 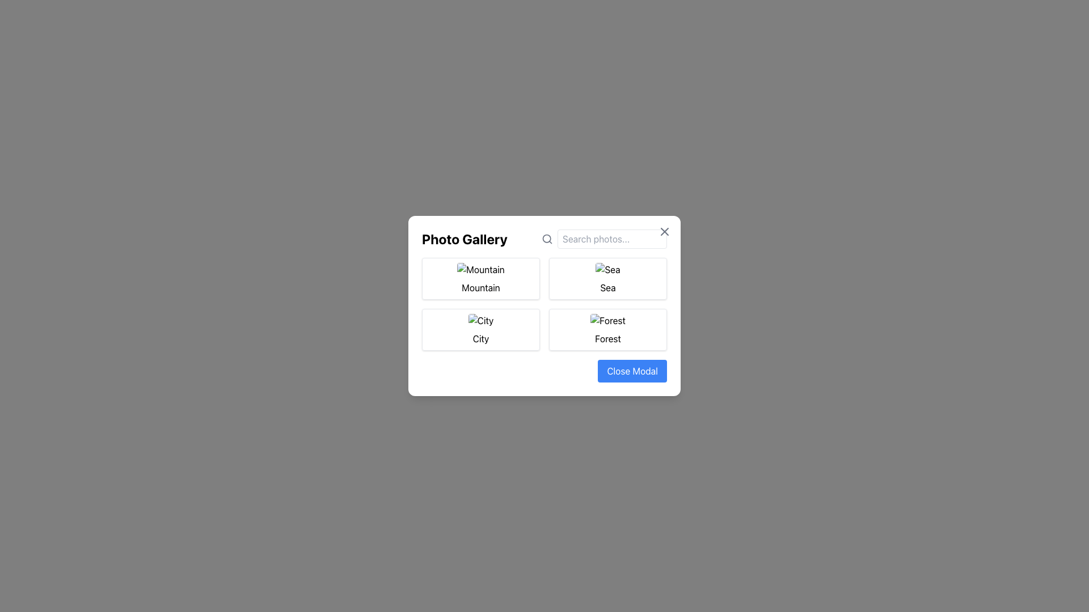 I want to click on the image placeholder for 'Sea' located in the upper-right quadrant of the 'Photo Gallery' modal, so click(x=607, y=269).